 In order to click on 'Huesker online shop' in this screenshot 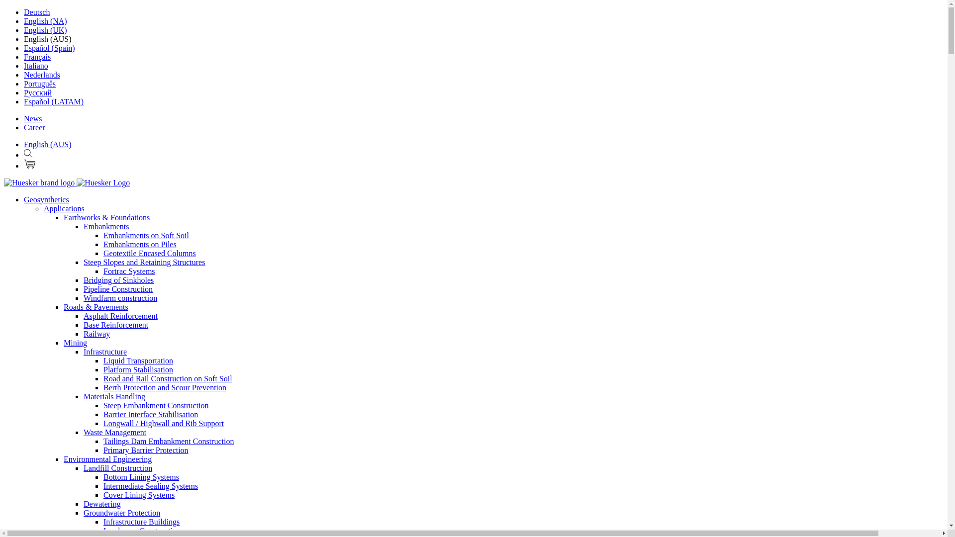, I will do `click(29, 164)`.